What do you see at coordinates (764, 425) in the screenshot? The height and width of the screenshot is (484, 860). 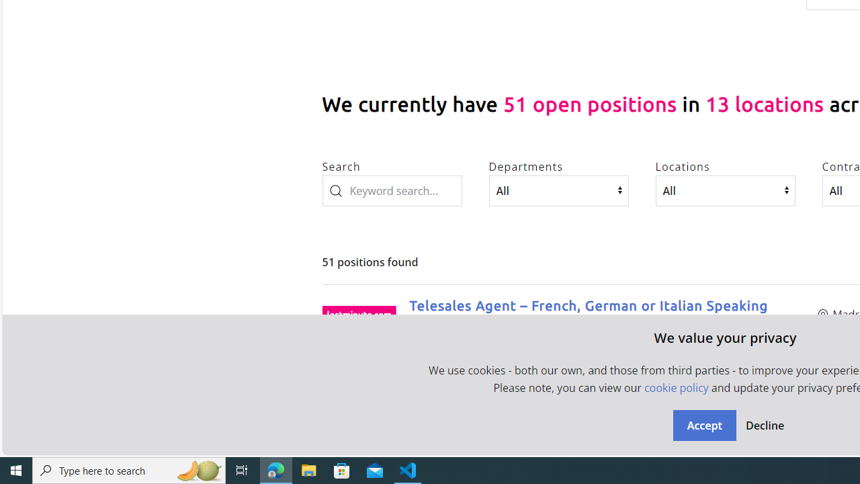 I see `'Decline'` at bounding box center [764, 425].